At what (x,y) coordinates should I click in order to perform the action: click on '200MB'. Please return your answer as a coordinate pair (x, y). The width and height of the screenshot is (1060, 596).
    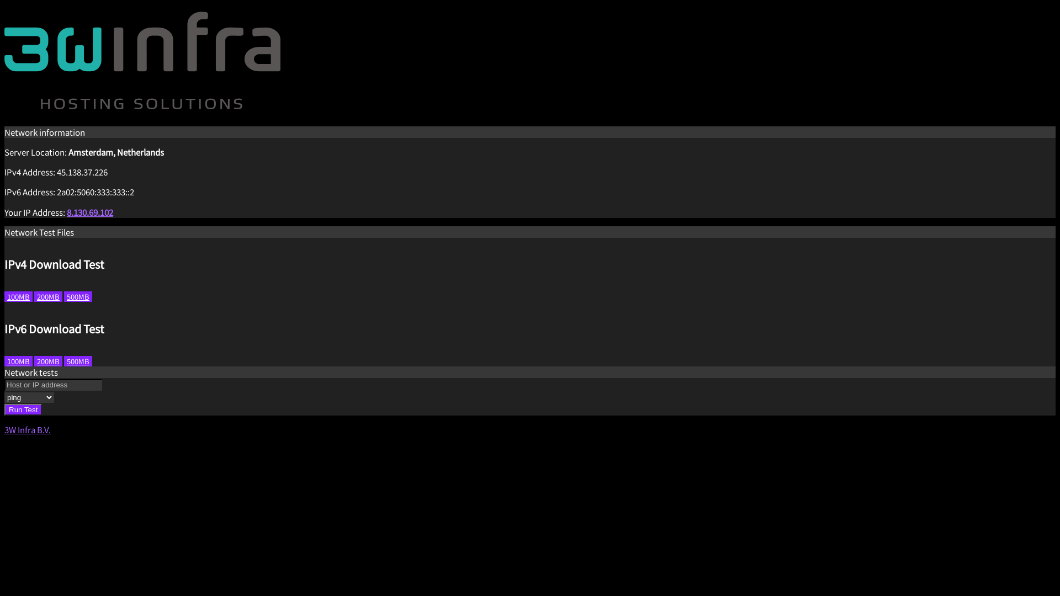
    Looking at the image, I should click on (34, 361).